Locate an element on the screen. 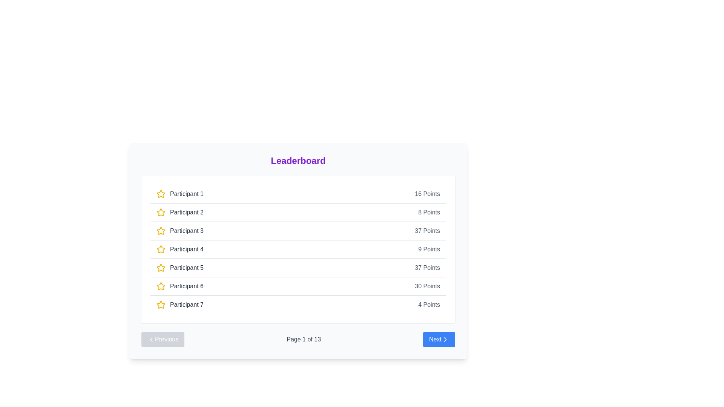 This screenshot has height=407, width=724. the star icon indicating the favorite or rated status for 'Participant 4', which is the fourth star icon in the list is located at coordinates (161, 249).